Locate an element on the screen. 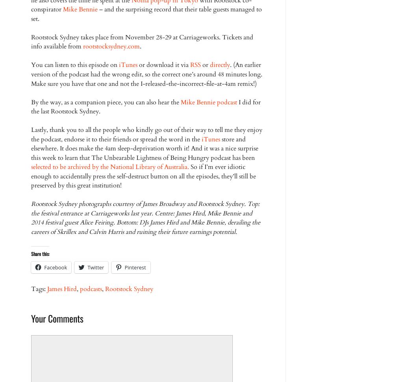 Image resolution: width=399 pixels, height=382 pixels. 'RSS' is located at coordinates (195, 64).